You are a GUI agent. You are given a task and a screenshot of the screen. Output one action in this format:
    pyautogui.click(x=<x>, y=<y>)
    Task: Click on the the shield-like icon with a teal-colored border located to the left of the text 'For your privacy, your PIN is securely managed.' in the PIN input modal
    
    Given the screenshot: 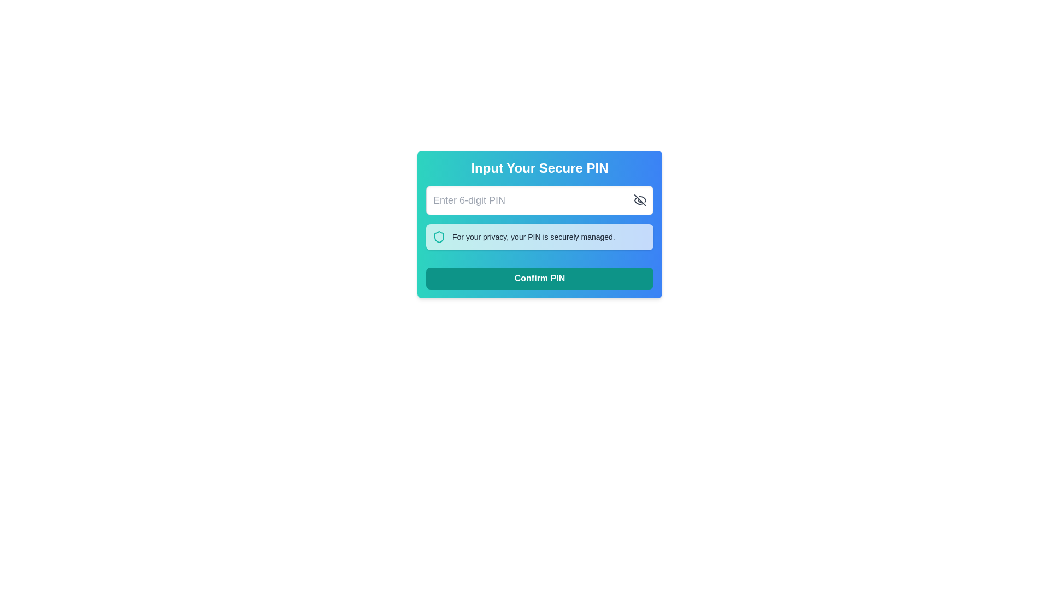 What is the action you would take?
    pyautogui.click(x=439, y=237)
    